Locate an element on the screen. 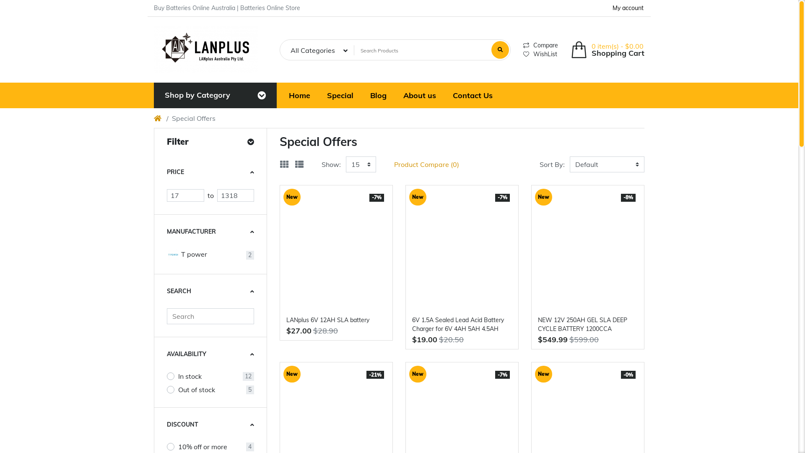 Image resolution: width=805 pixels, height=453 pixels. 'Shop by Category' is located at coordinates (165, 95).